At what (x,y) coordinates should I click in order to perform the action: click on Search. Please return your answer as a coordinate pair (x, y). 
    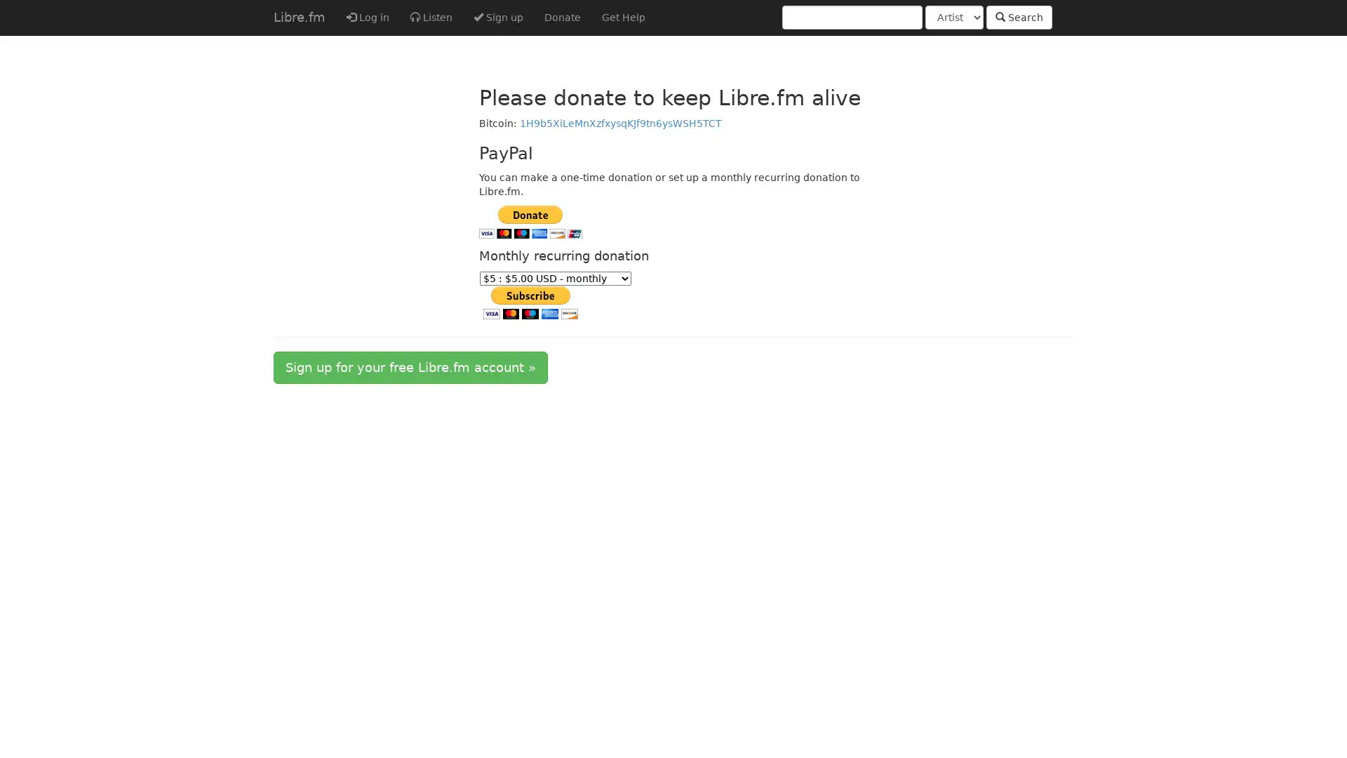
    Looking at the image, I should click on (1019, 17).